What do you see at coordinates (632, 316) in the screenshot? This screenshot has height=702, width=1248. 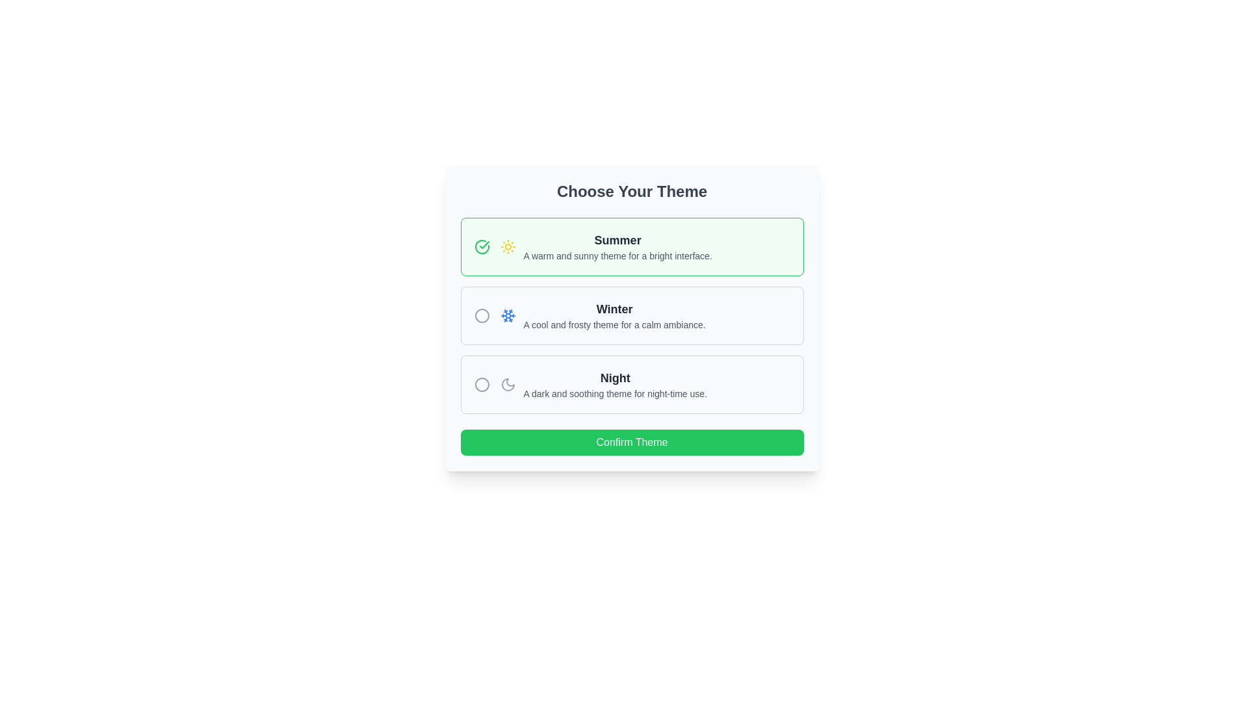 I see `the 'Winter' theme by clicking on the second selectable card with a radio button in the theme options` at bounding box center [632, 316].